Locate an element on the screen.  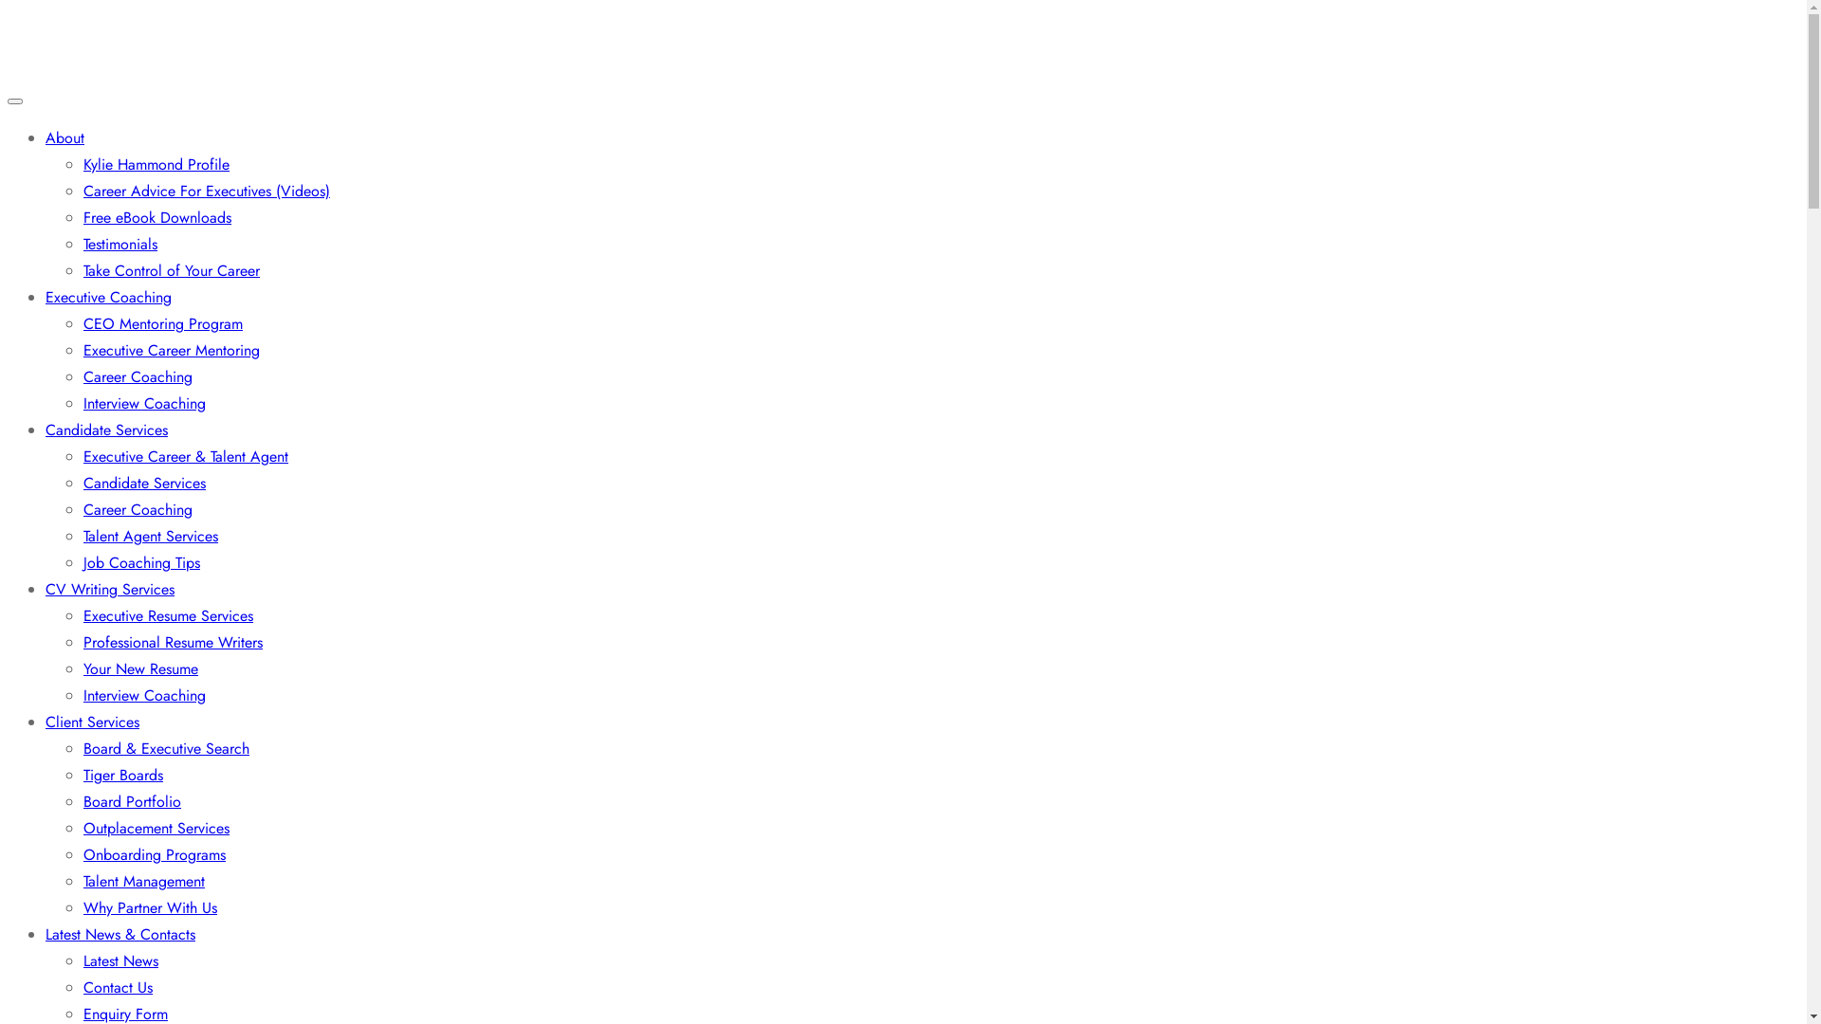
'Executive Resume Services' is located at coordinates (82, 615).